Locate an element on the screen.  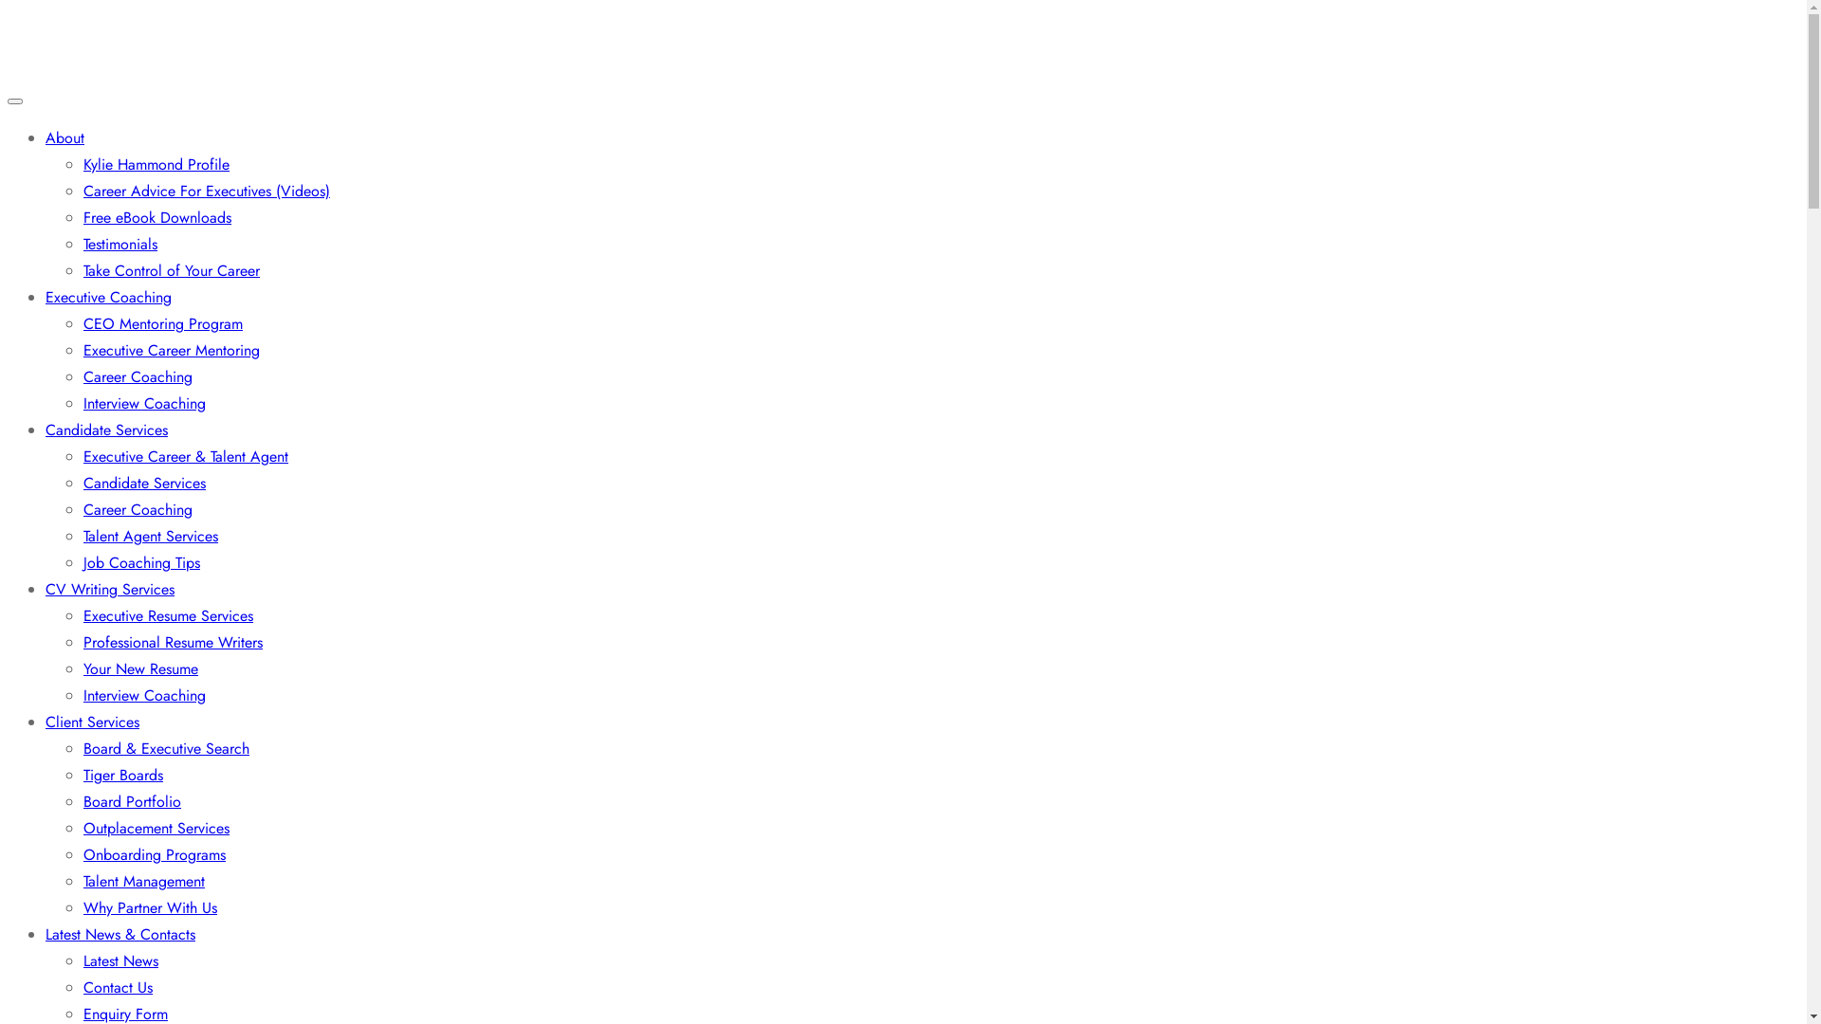
'Executive Resume Services' is located at coordinates (82, 615).